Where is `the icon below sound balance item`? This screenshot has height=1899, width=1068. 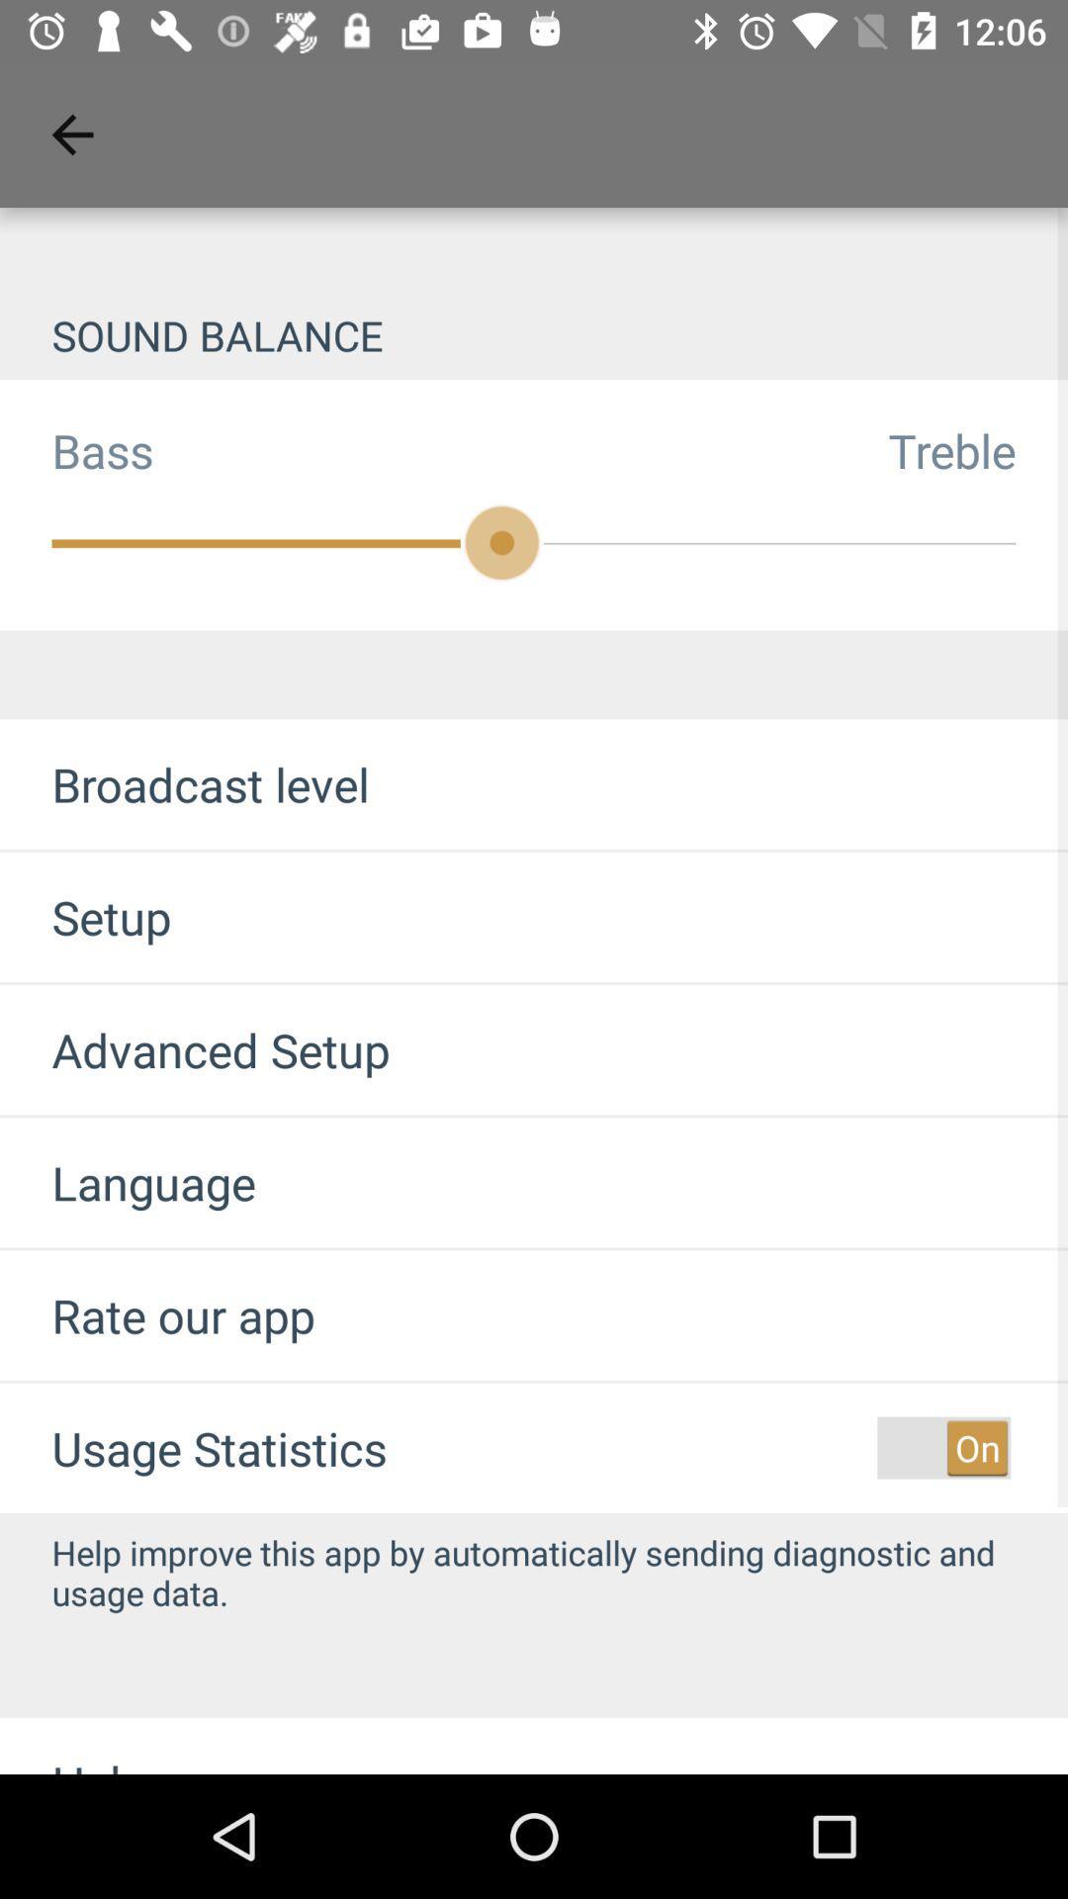
the icon below sound balance item is located at coordinates (977, 449).